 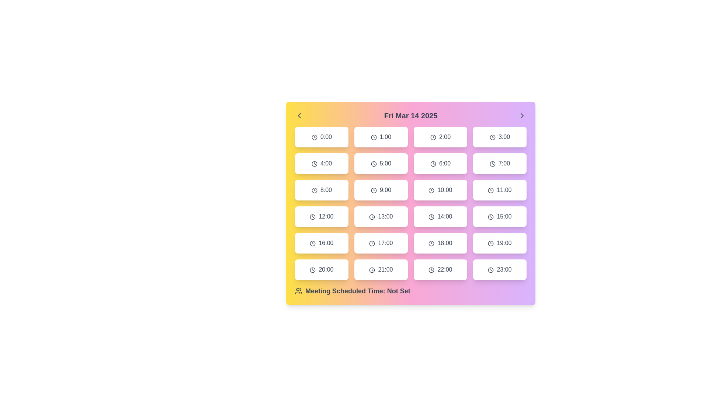 What do you see at coordinates (322, 137) in the screenshot?
I see `the selectable time slot button labeled as '0:00' located in the first column of the first row of the grid structure` at bounding box center [322, 137].